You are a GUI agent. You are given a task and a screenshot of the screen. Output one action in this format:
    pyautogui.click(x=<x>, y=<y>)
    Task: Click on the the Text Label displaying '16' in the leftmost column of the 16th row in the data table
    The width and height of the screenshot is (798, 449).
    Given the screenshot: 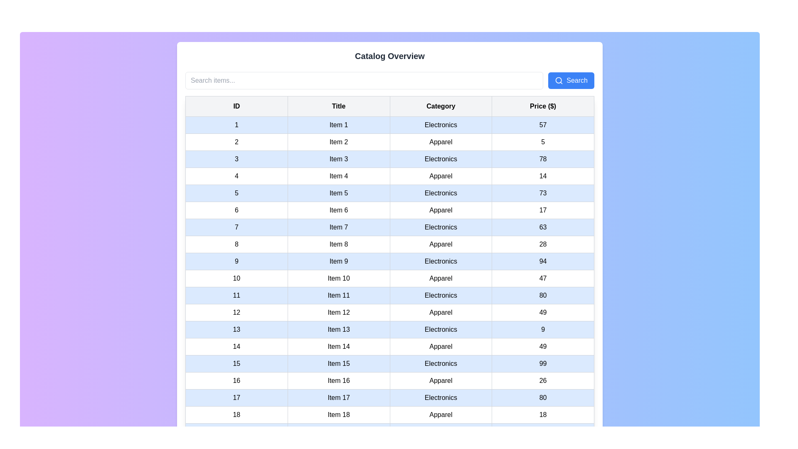 What is the action you would take?
    pyautogui.click(x=236, y=380)
    